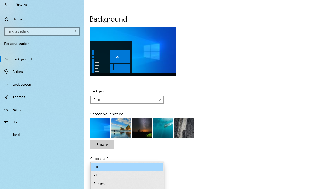  I want to click on 'Search box, Find a setting', so click(42, 31).